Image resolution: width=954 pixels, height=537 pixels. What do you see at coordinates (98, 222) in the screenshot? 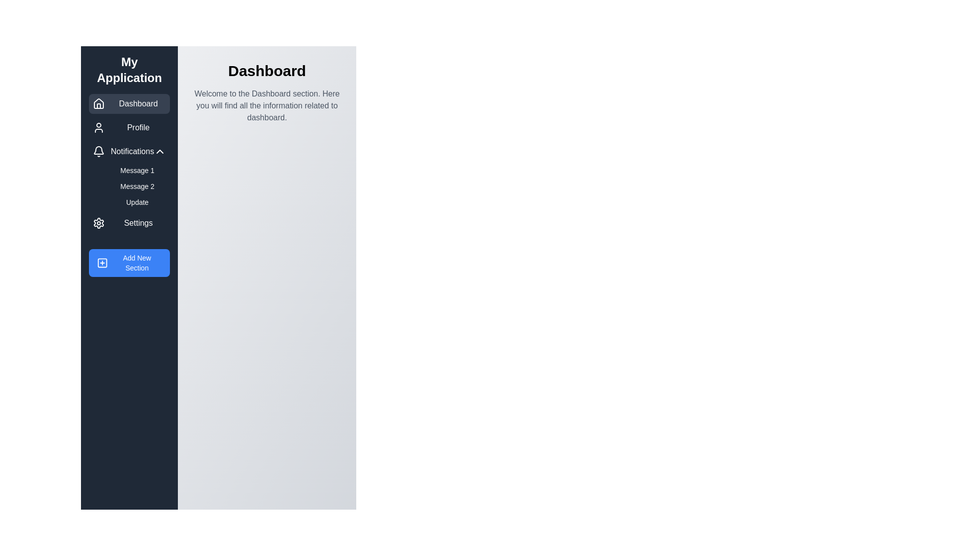
I see `the settings menu icon located in the left navigation menu, positioned just below the 'Notifications' menu and above the 'Add New Section' button` at bounding box center [98, 222].